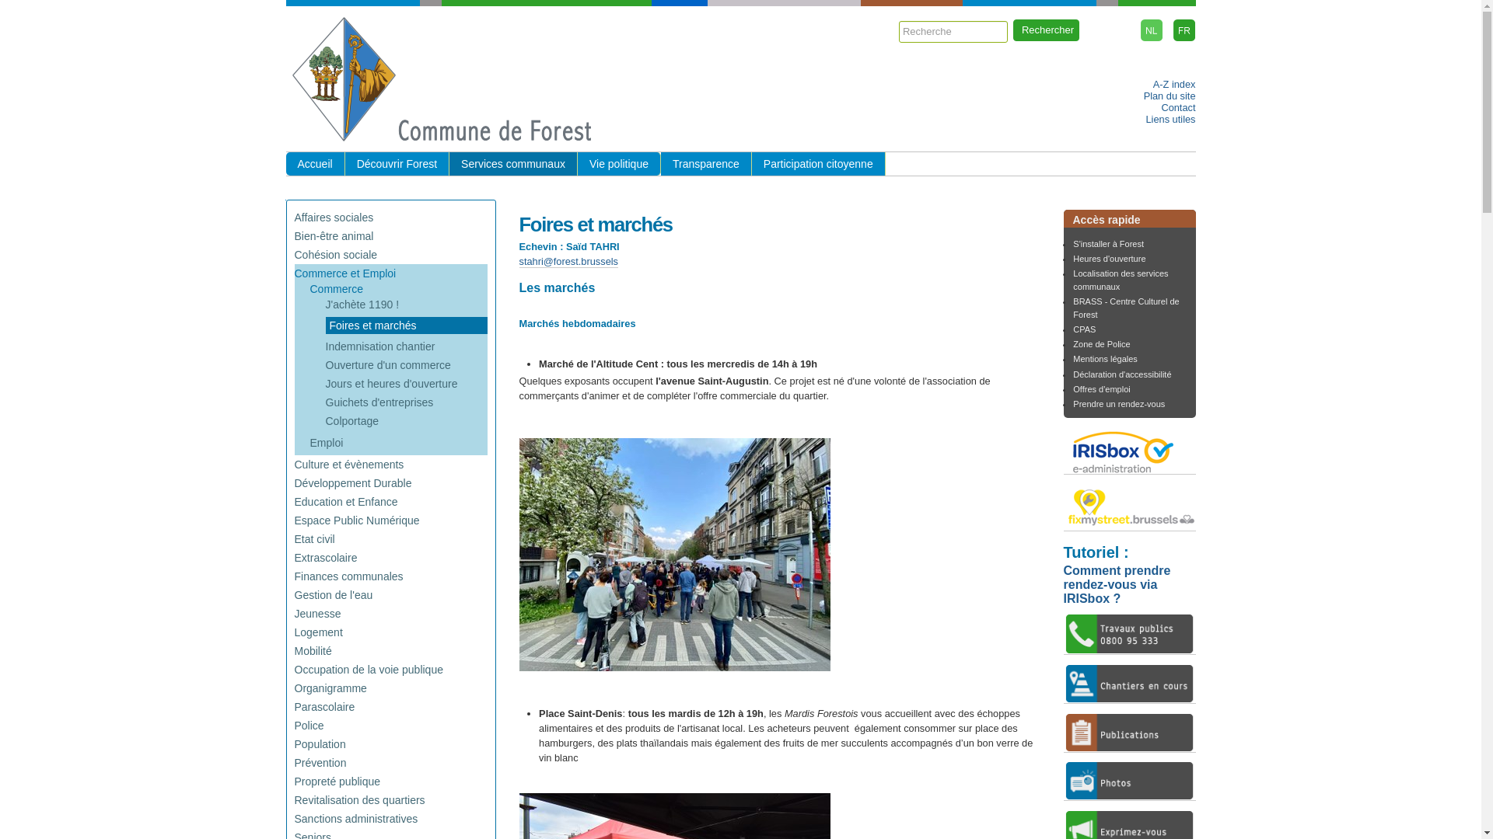  Describe the element at coordinates (309, 443) in the screenshot. I see `'Emploi'` at that location.